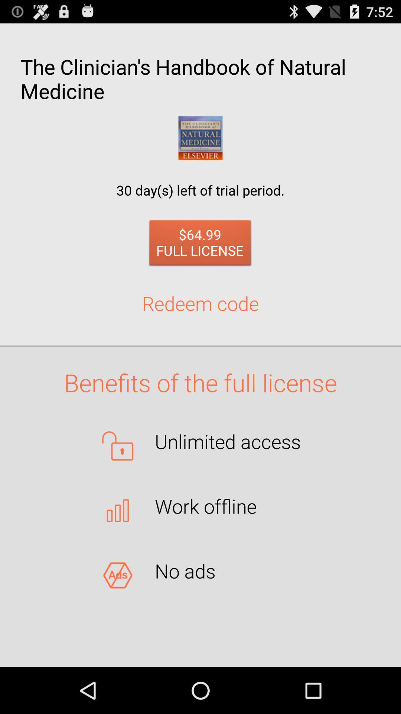  Describe the element at coordinates (200, 303) in the screenshot. I see `the redeem code app` at that location.